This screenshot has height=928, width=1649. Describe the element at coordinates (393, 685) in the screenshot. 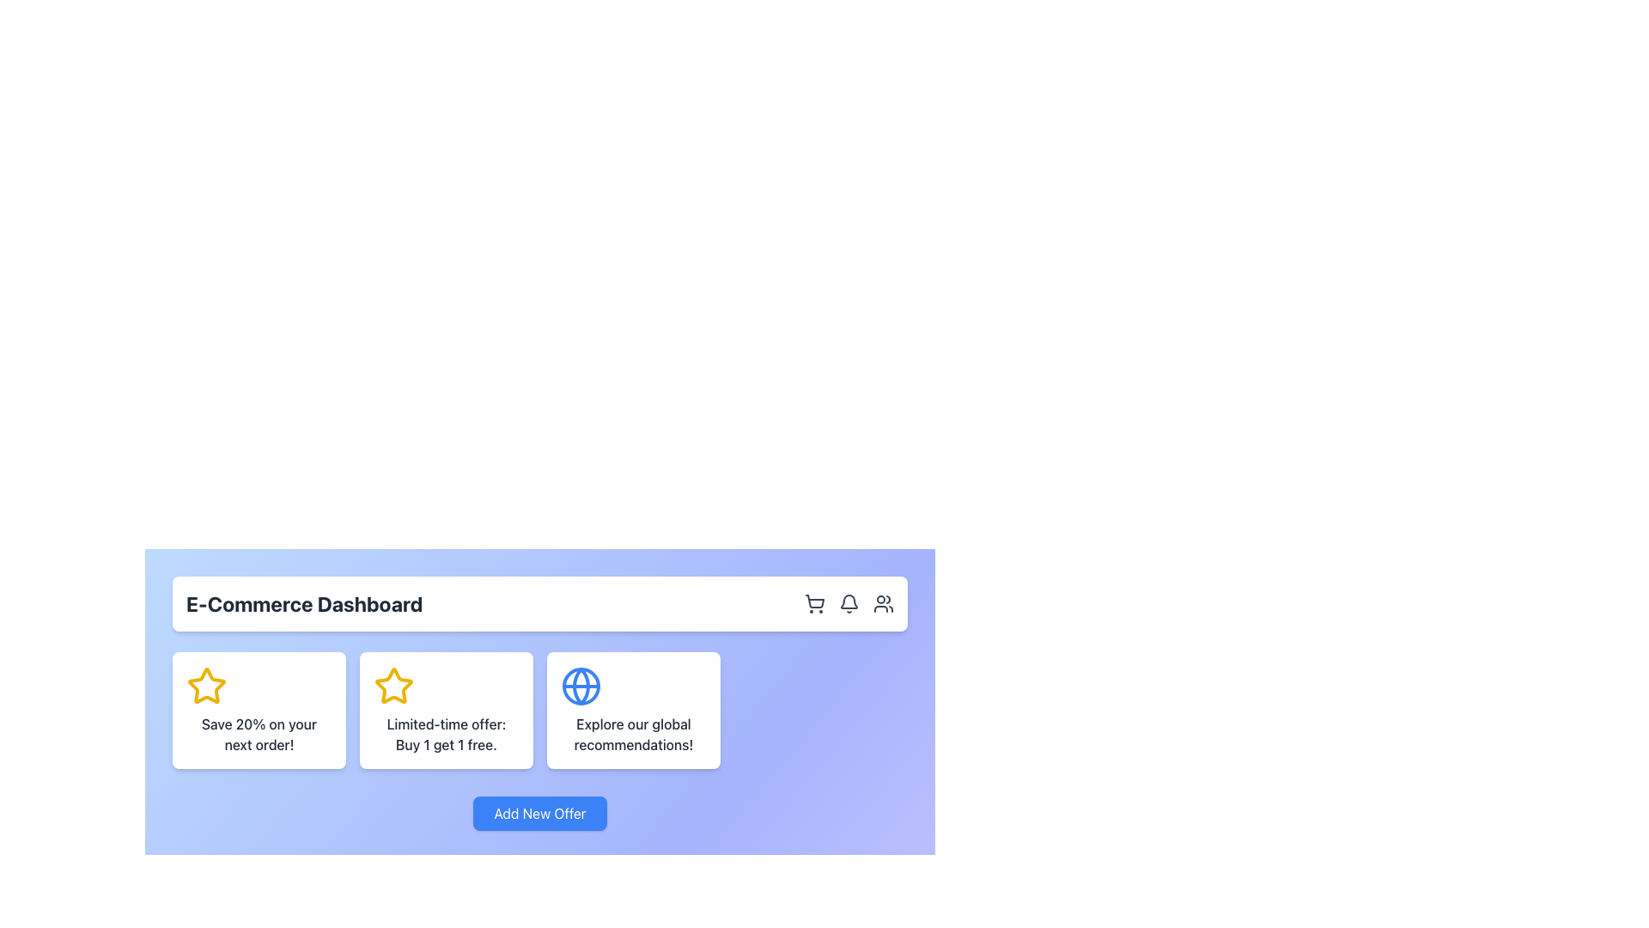

I see `the star icon located in the second card from the left under the 'E-Commerce Dashboard' header, which indicates special offers or sales` at that location.